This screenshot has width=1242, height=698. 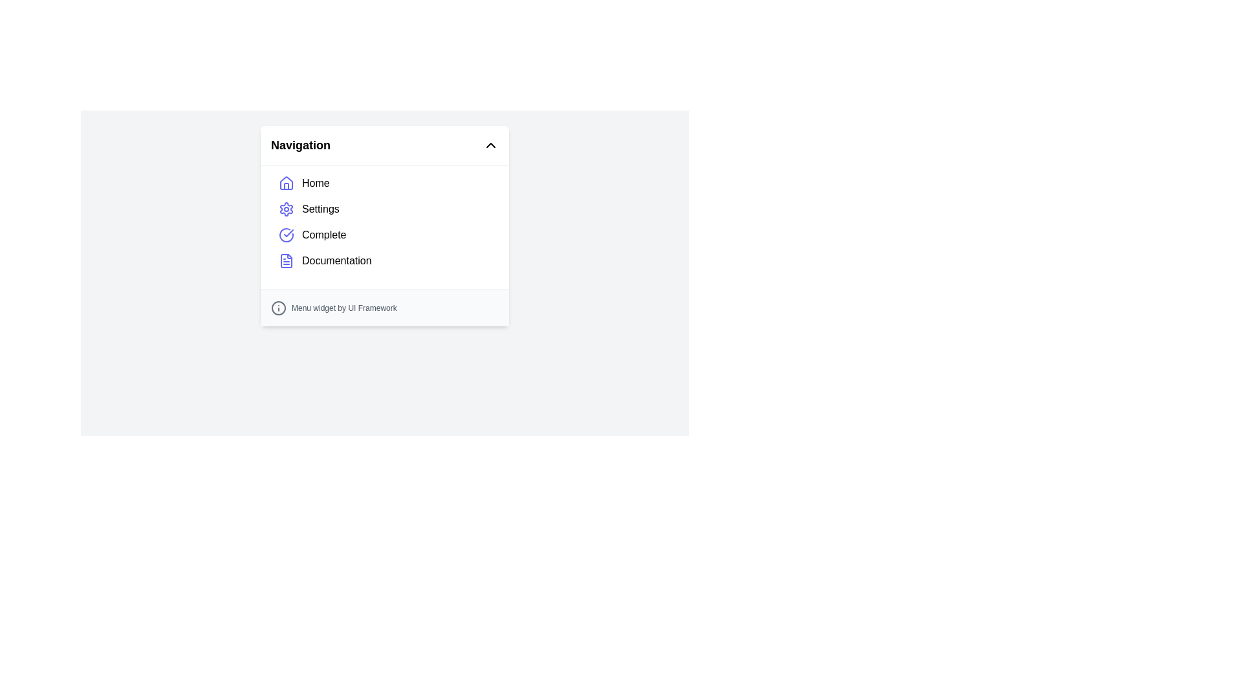 What do you see at coordinates (300, 145) in the screenshot?
I see `the bold text label 'Navigation' located at the top of the dropdown menu` at bounding box center [300, 145].